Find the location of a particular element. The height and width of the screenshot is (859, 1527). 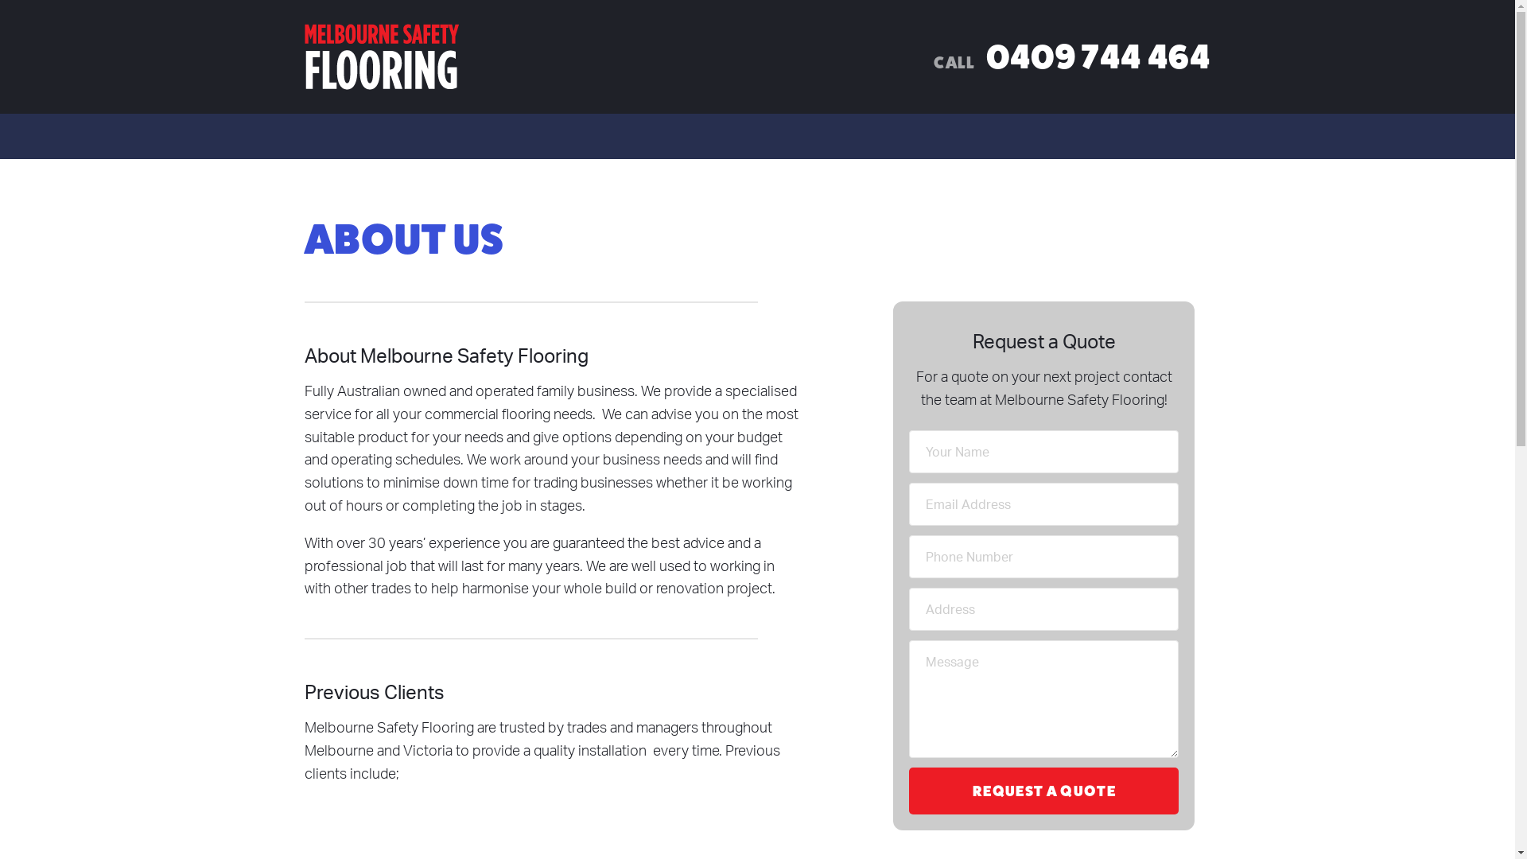

'REQUEST A QUOTE' is located at coordinates (1043, 791).